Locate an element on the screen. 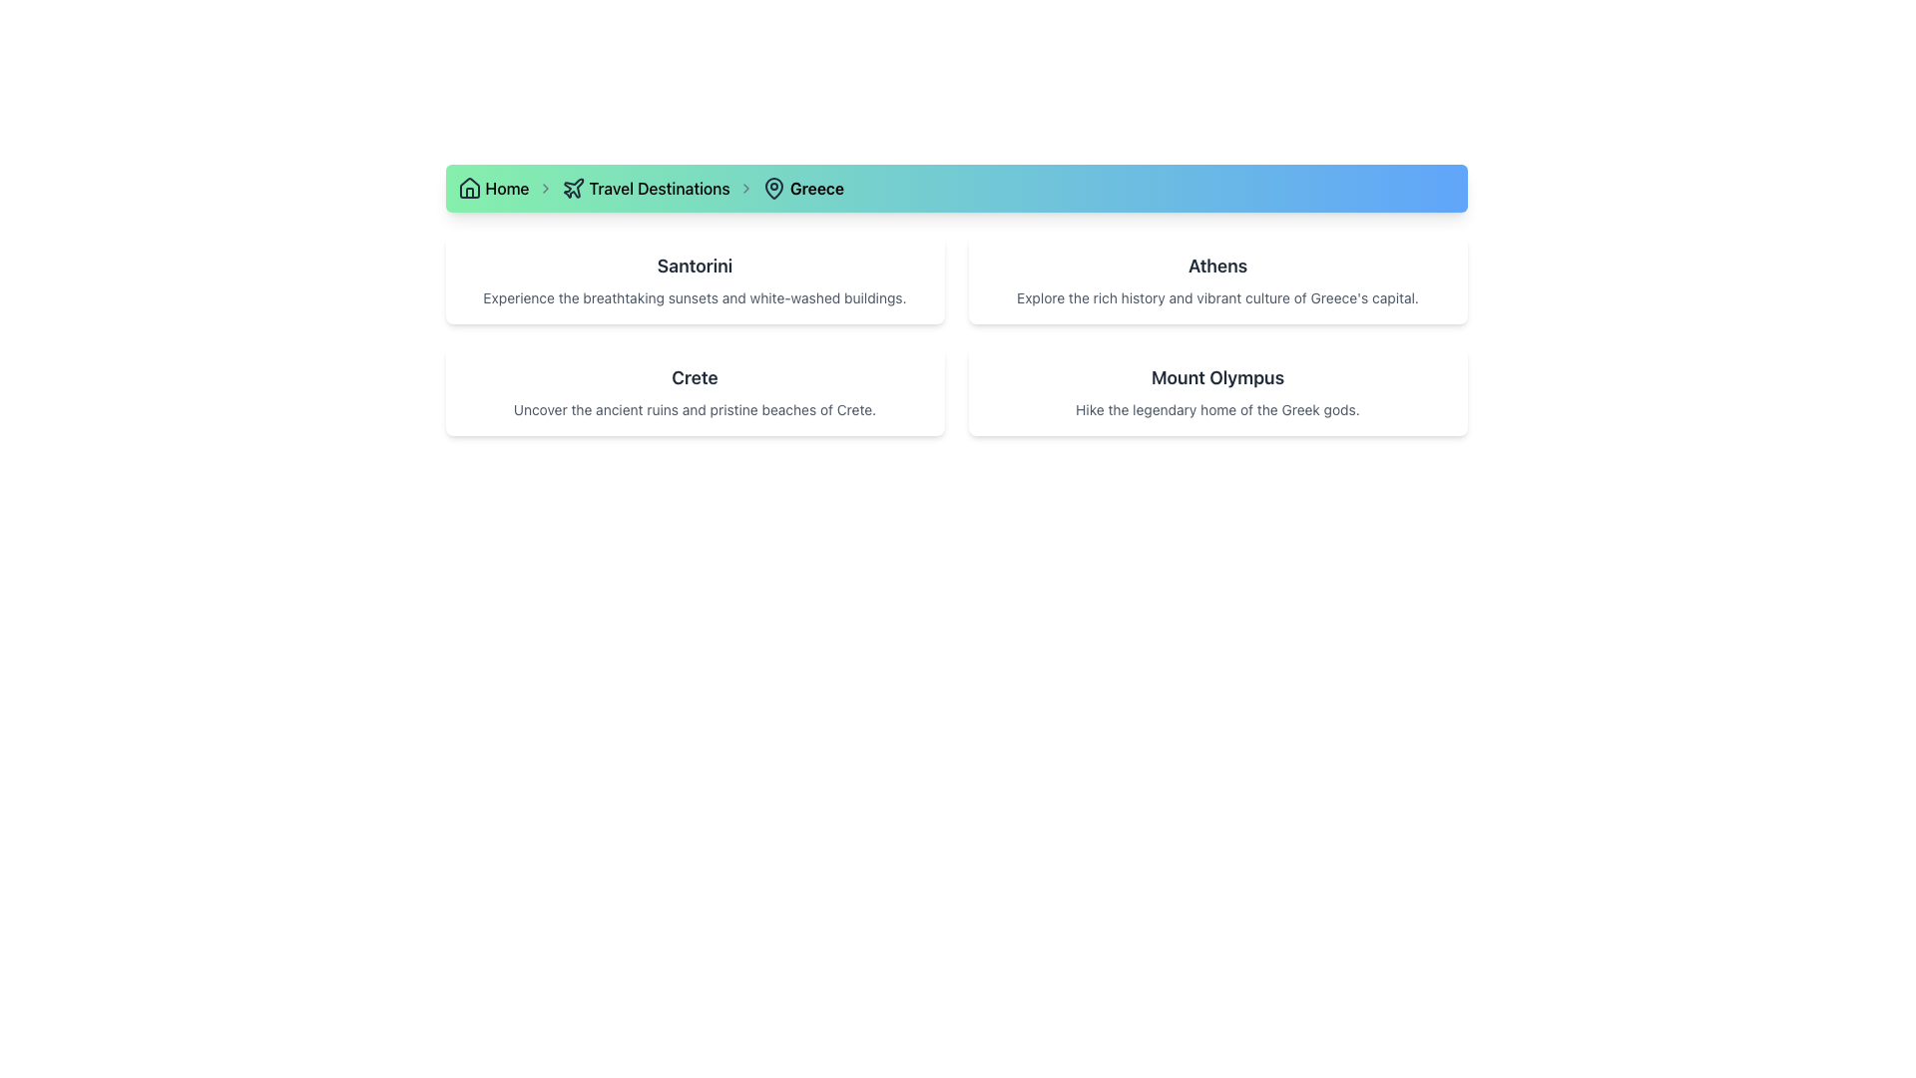  the Informational Card labeled 'Mount Olympus', which is located in the bottom-right position of a two-by-two grid layout is located at coordinates (1216, 392).